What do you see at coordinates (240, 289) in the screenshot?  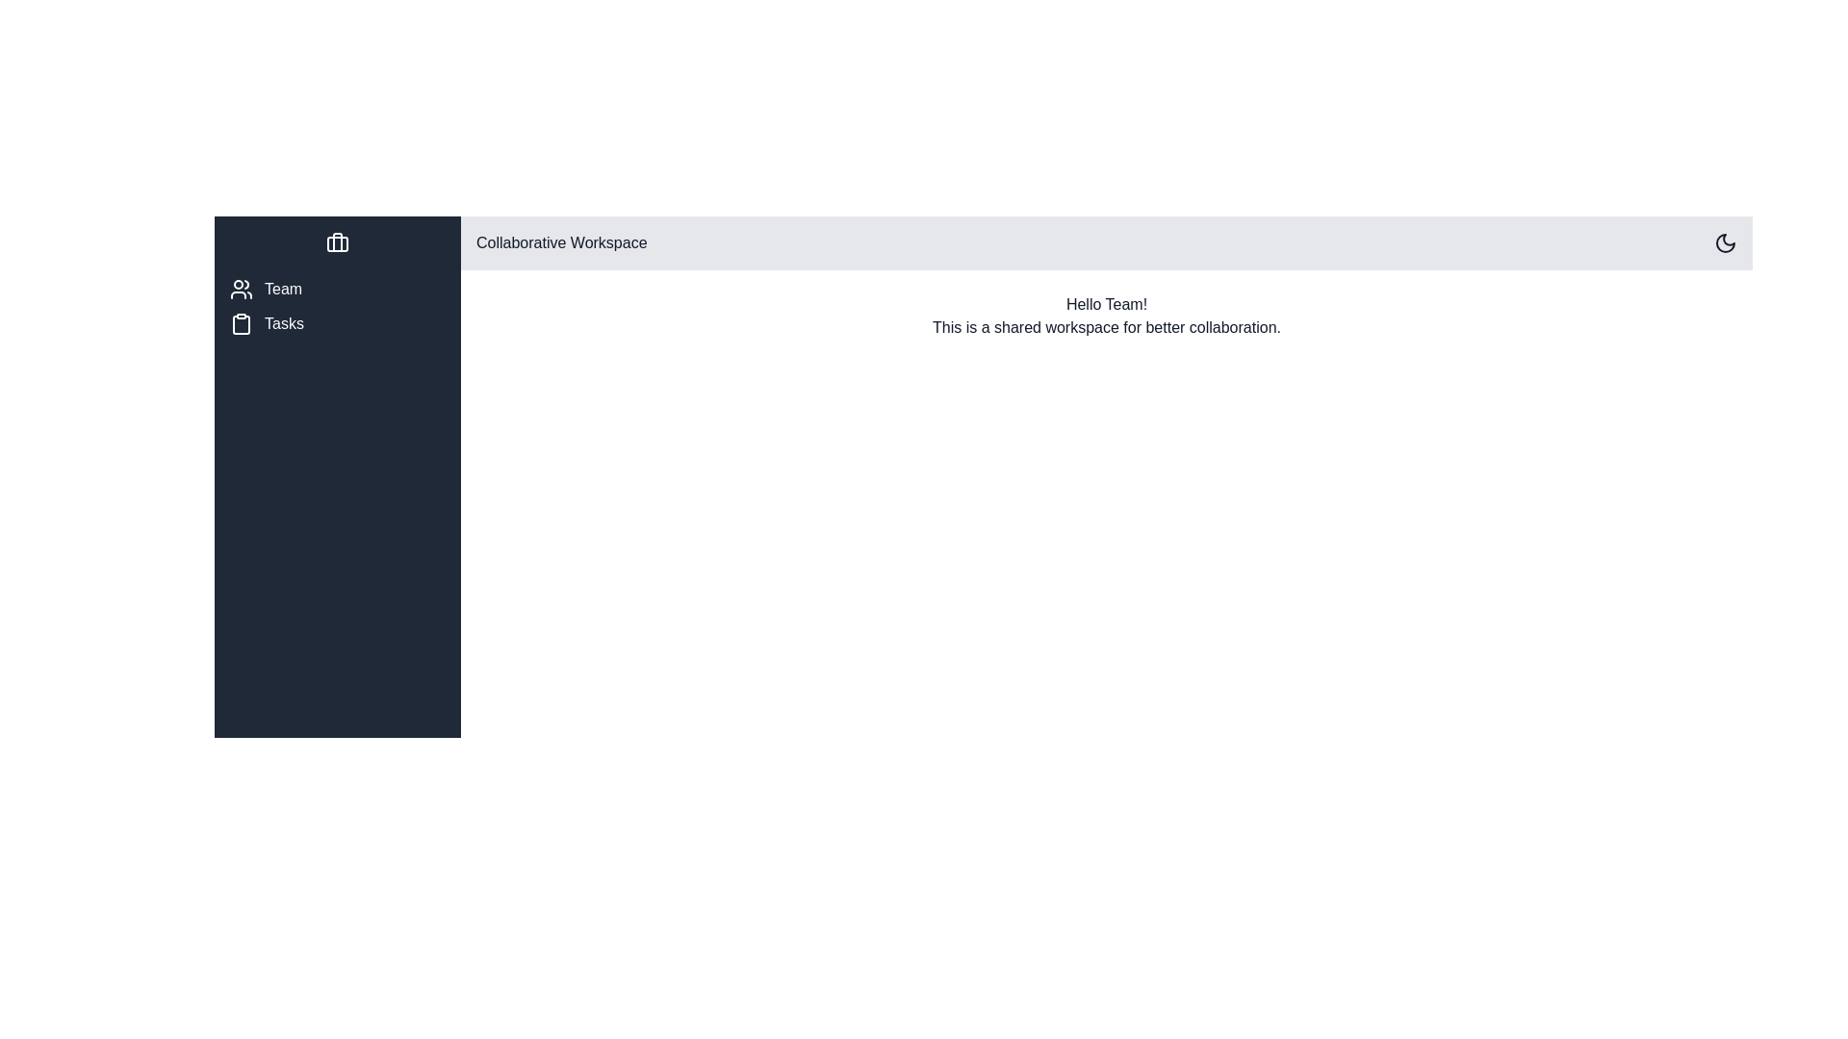 I see `the 'Team' icon, which is a white icon depicting a group of people located at the top of the sidebar menu` at bounding box center [240, 289].